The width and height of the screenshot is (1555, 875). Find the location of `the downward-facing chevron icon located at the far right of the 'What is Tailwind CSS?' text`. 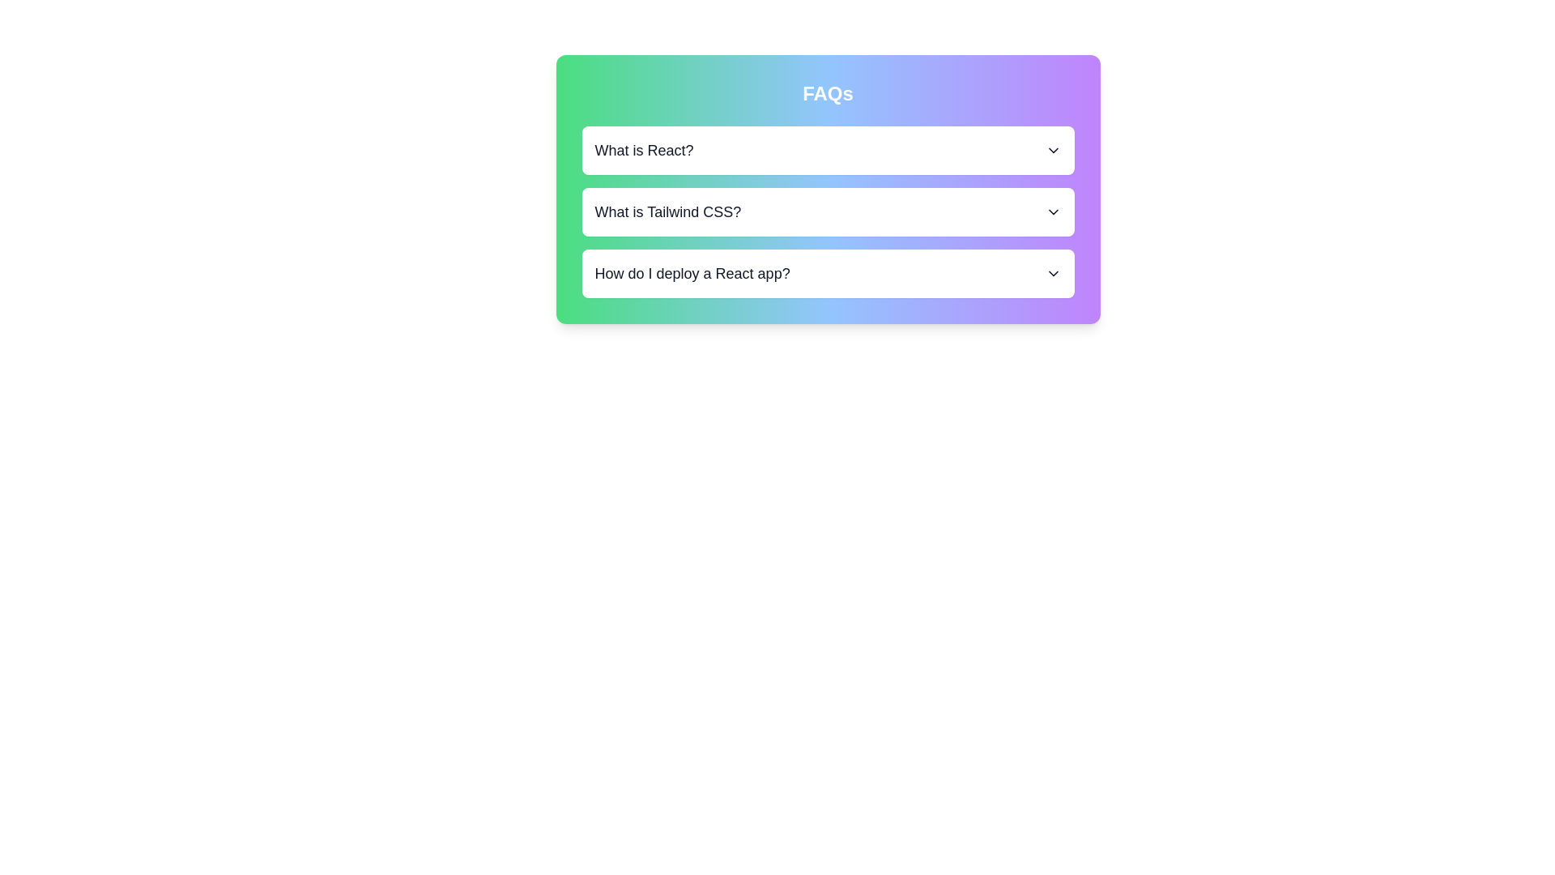

the downward-facing chevron icon located at the far right of the 'What is Tailwind CSS?' text is located at coordinates (1053, 211).